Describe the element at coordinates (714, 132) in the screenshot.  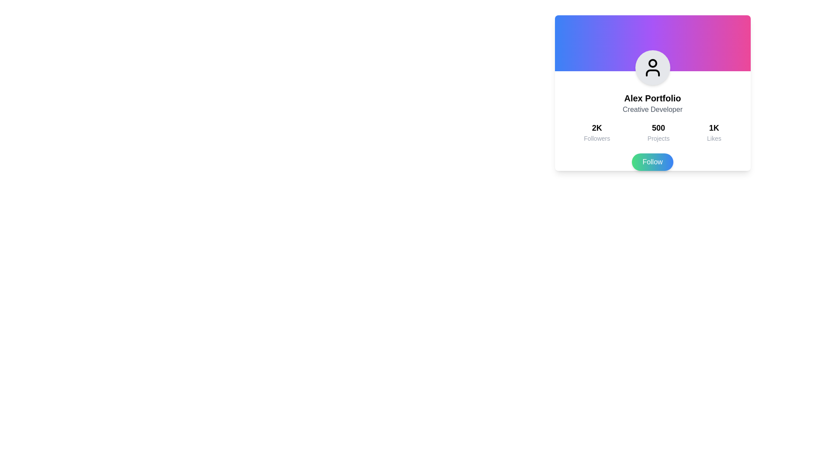
I see `the likes count text display, which is the rightmost item in the statistics row of the user profile card, following '500 Projects' and '2K Followers'` at that location.